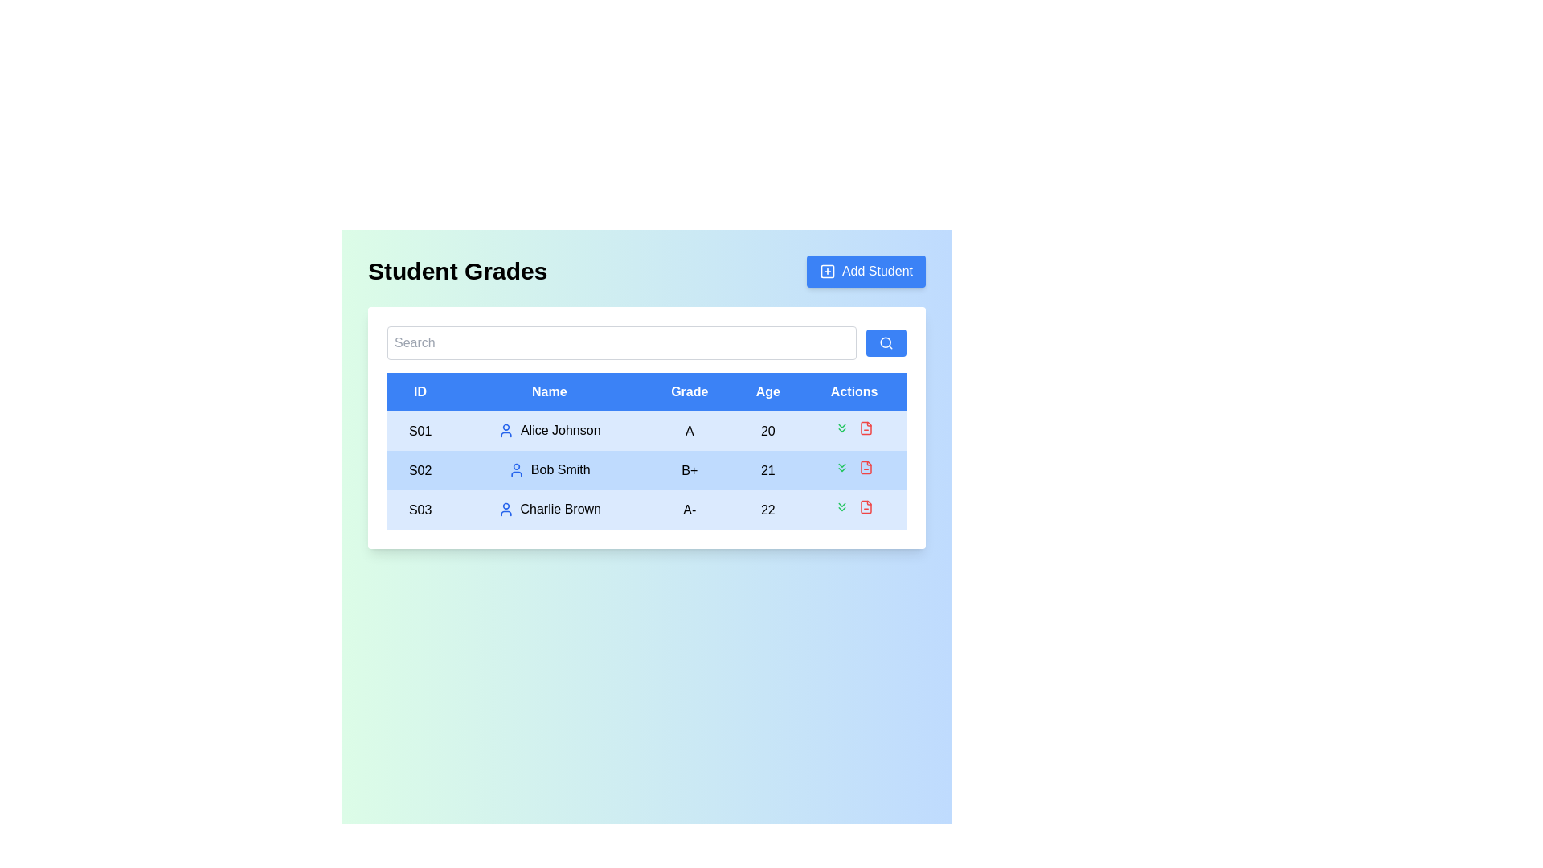 The height and width of the screenshot is (868, 1543). Describe the element at coordinates (690, 430) in the screenshot. I see `the text label indicating the grade 'A' for the student Alice Johnson, located in the third column of the first row in the table` at that location.